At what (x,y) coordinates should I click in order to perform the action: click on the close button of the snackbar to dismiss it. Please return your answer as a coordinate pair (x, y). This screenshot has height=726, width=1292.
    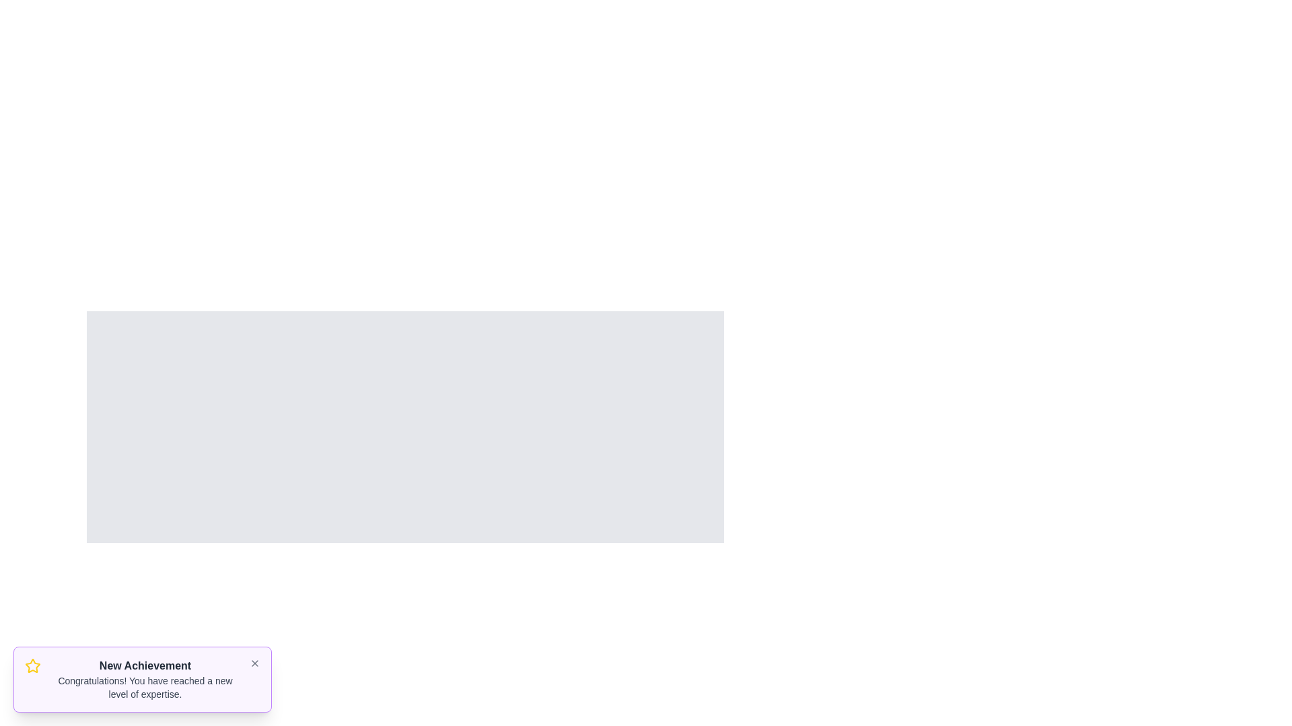
    Looking at the image, I should click on (255, 663).